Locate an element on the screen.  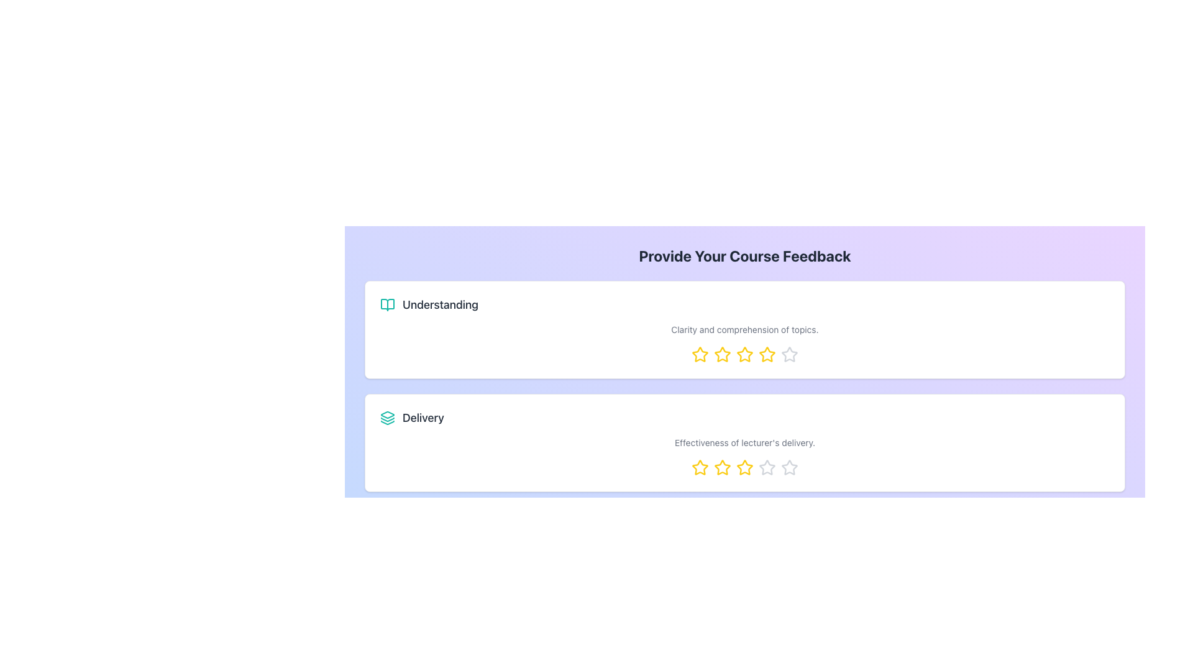
the fourth star in the 'Delivery' feedback section is located at coordinates (700, 580).